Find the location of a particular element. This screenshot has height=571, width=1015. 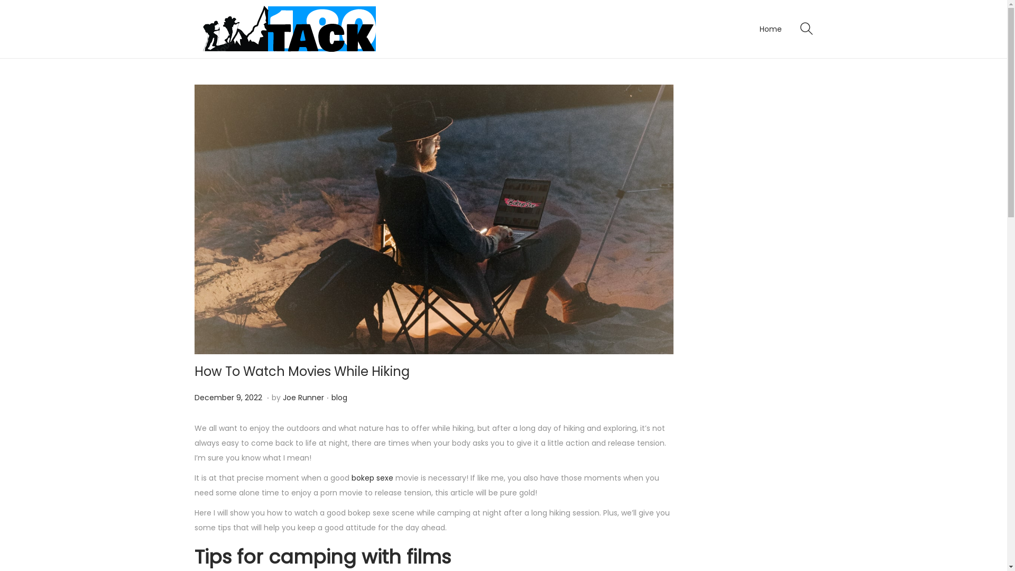

'Home' is located at coordinates (758, 28).